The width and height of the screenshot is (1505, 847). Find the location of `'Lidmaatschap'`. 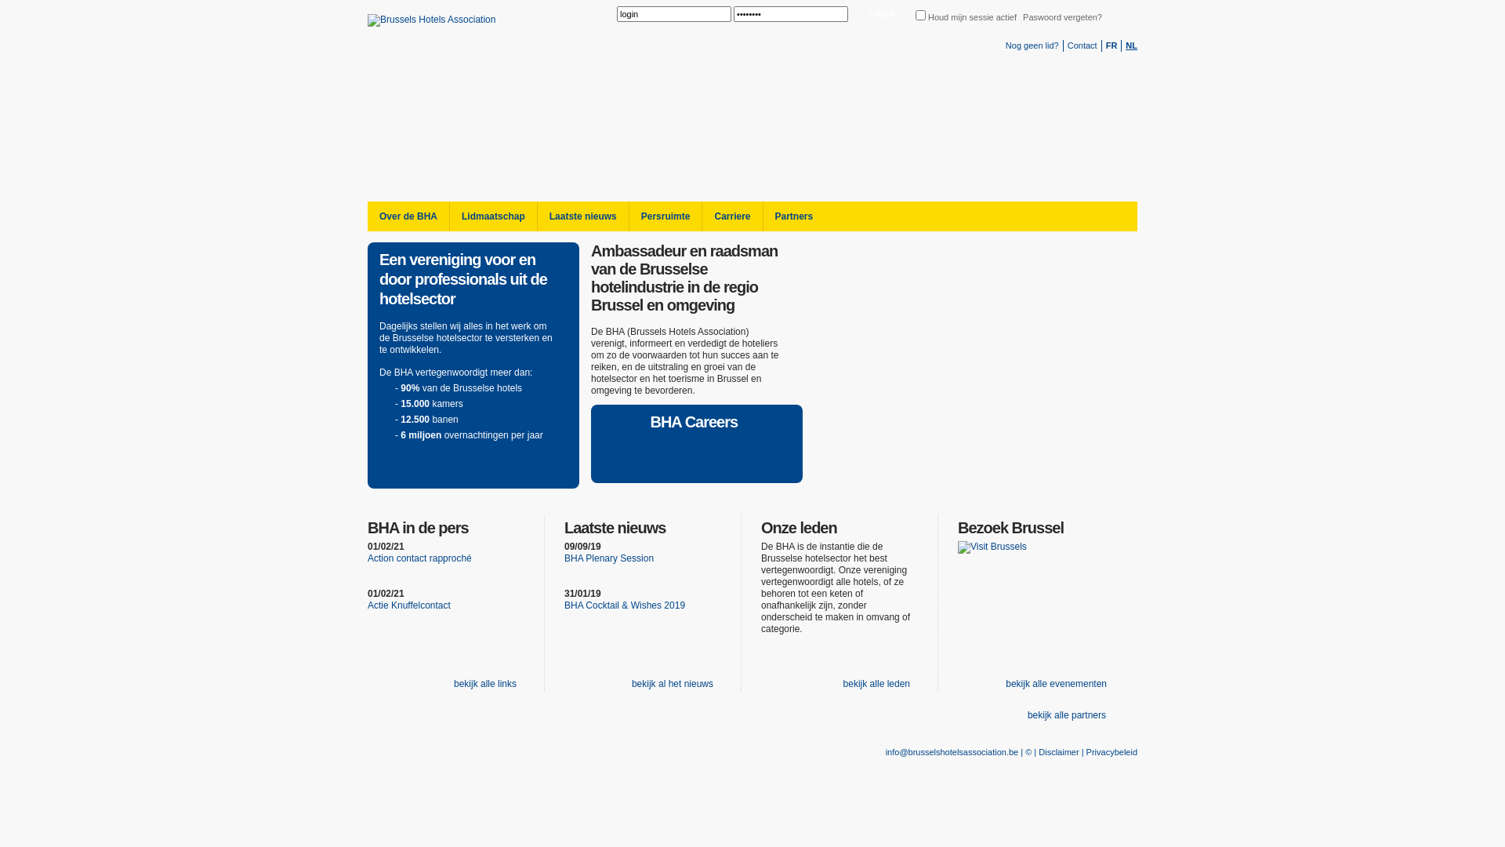

'Lidmaatschap' is located at coordinates (491, 216).